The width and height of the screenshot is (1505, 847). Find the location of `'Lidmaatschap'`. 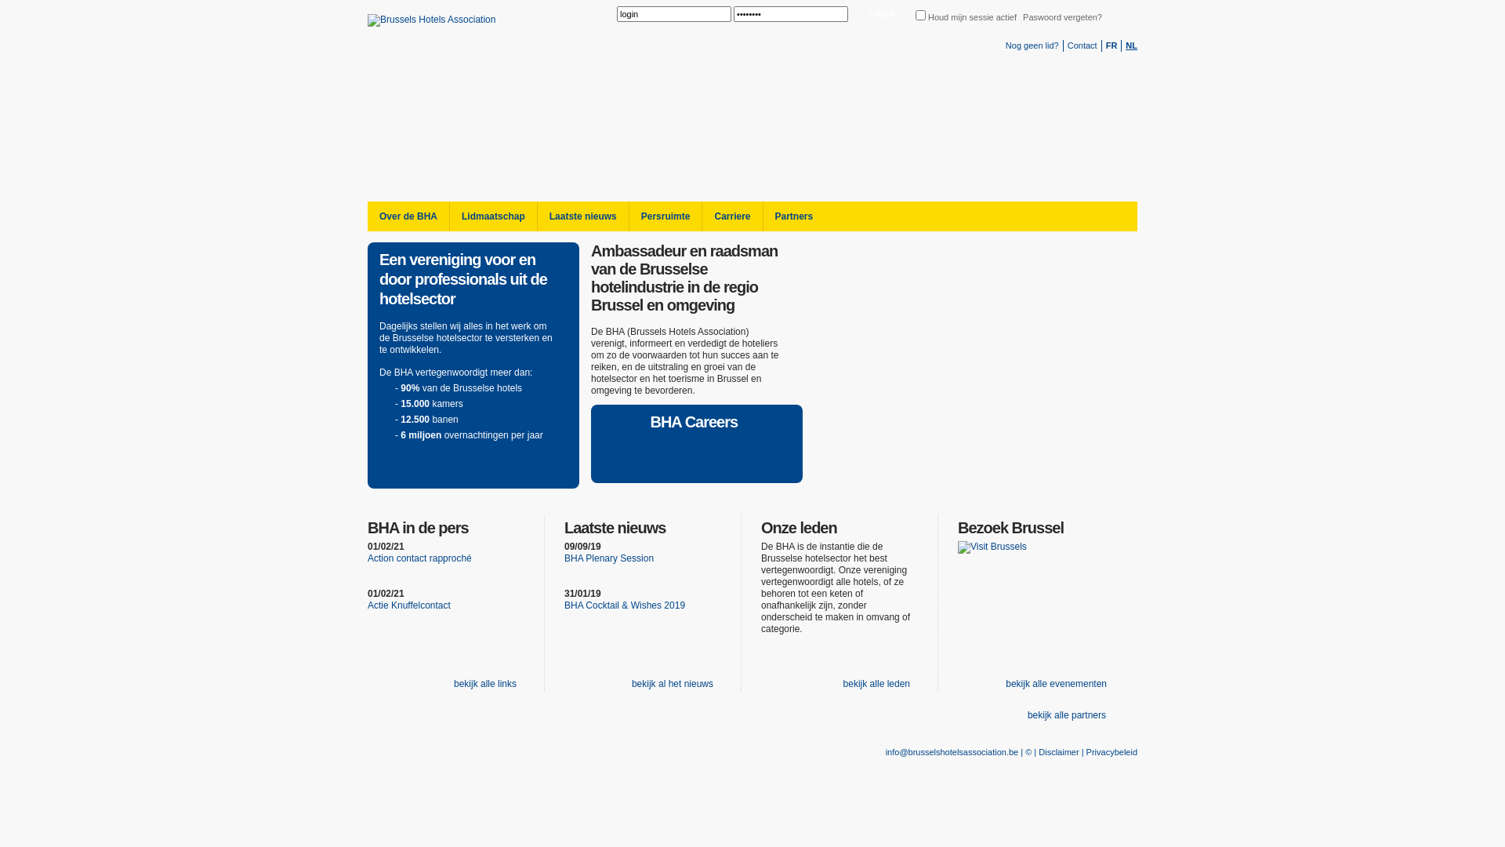

'Lidmaatschap' is located at coordinates (491, 216).